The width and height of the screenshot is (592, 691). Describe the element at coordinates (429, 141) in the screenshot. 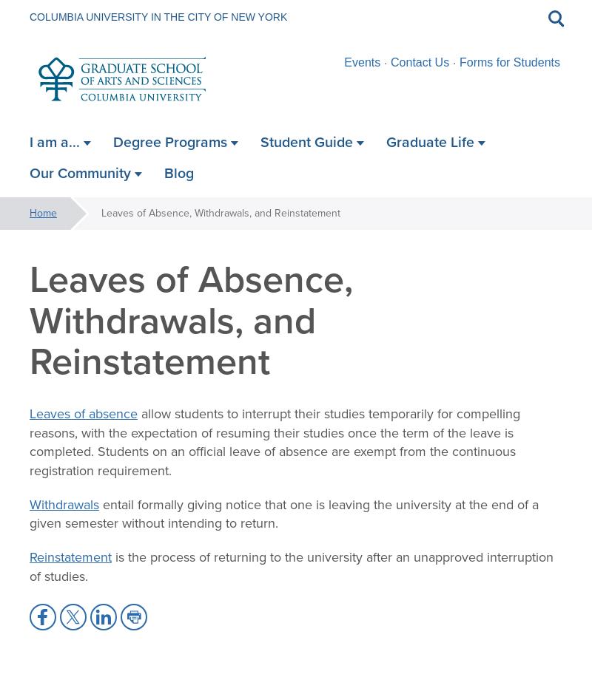

I see `'Graduate Life'` at that location.